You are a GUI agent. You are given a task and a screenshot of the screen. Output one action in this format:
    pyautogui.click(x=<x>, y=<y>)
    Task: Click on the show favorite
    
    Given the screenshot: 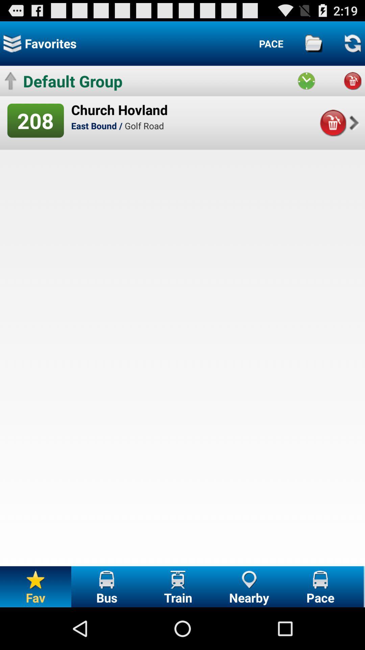 What is the action you would take?
    pyautogui.click(x=12, y=43)
    